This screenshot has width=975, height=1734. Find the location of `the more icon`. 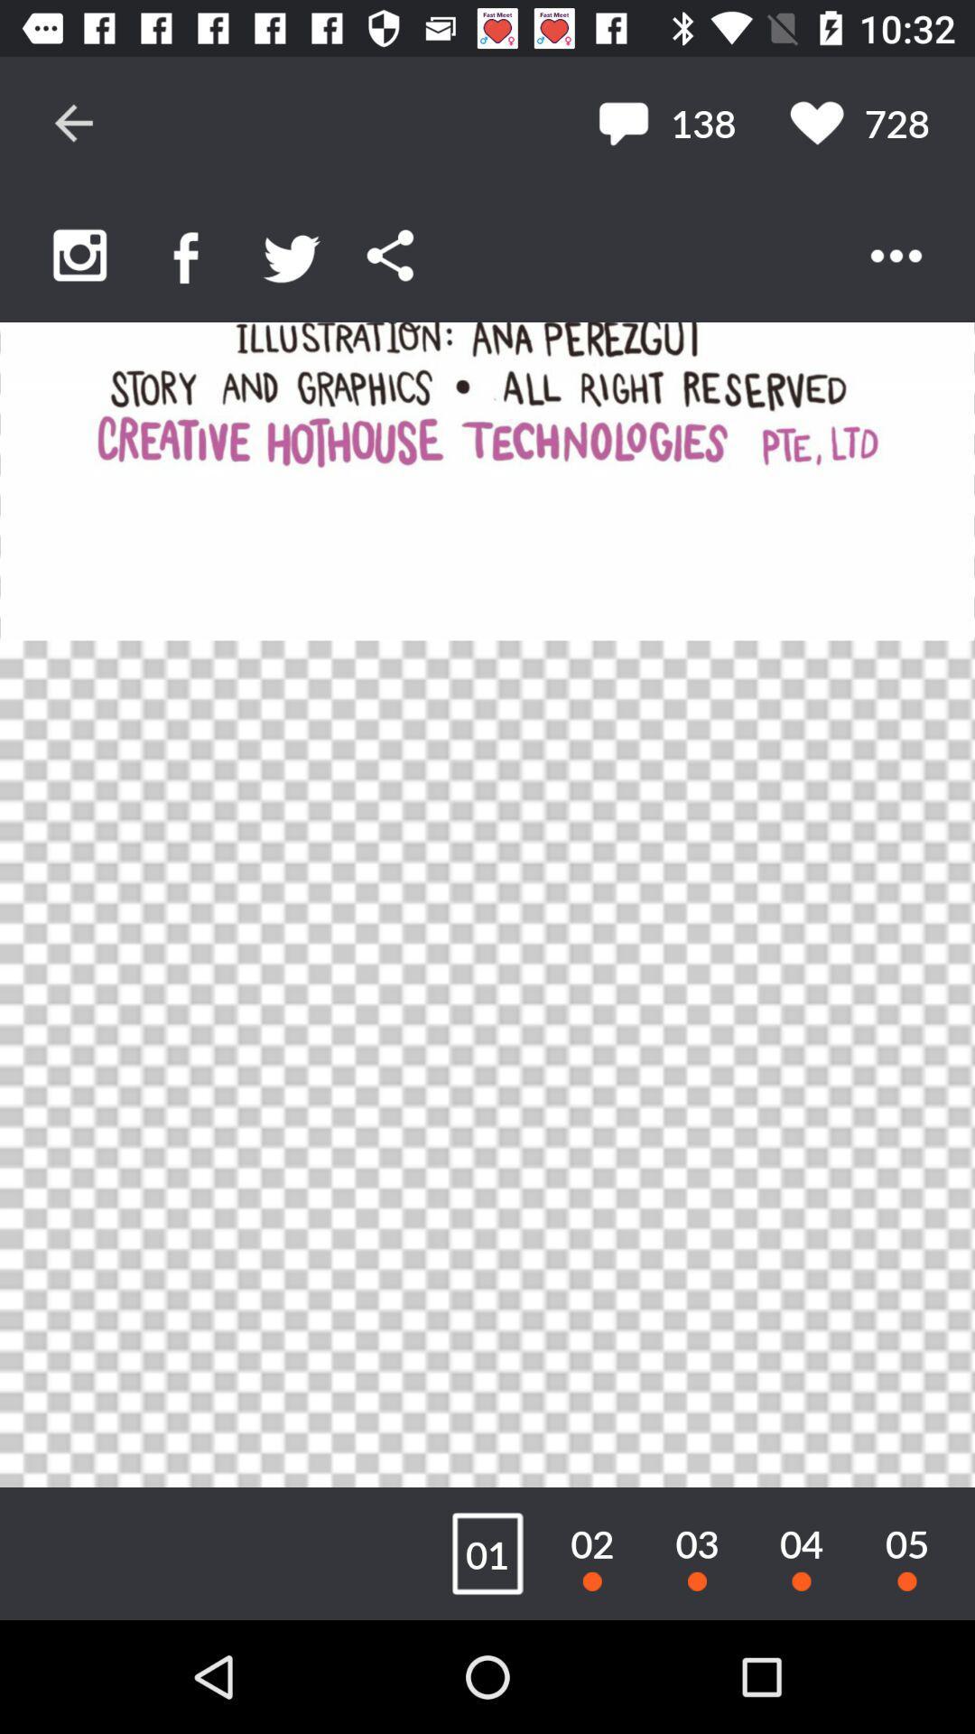

the more icon is located at coordinates (896, 255).